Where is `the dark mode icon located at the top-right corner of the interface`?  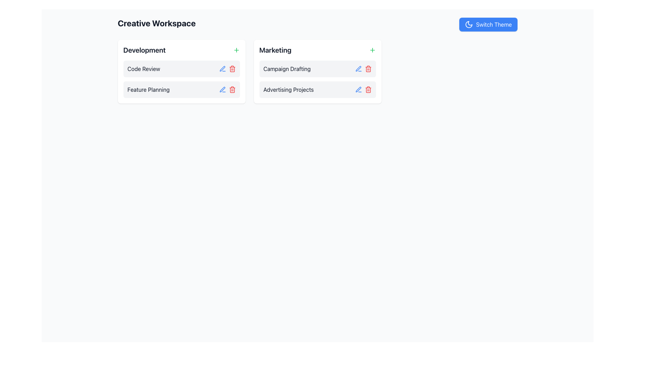
the dark mode icon located at the top-right corner of the interface is located at coordinates (469, 24).